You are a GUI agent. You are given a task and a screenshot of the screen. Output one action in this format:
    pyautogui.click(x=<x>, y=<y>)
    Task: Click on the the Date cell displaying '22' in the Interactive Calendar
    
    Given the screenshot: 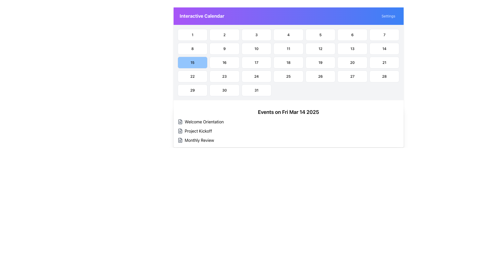 What is the action you would take?
    pyautogui.click(x=192, y=76)
    